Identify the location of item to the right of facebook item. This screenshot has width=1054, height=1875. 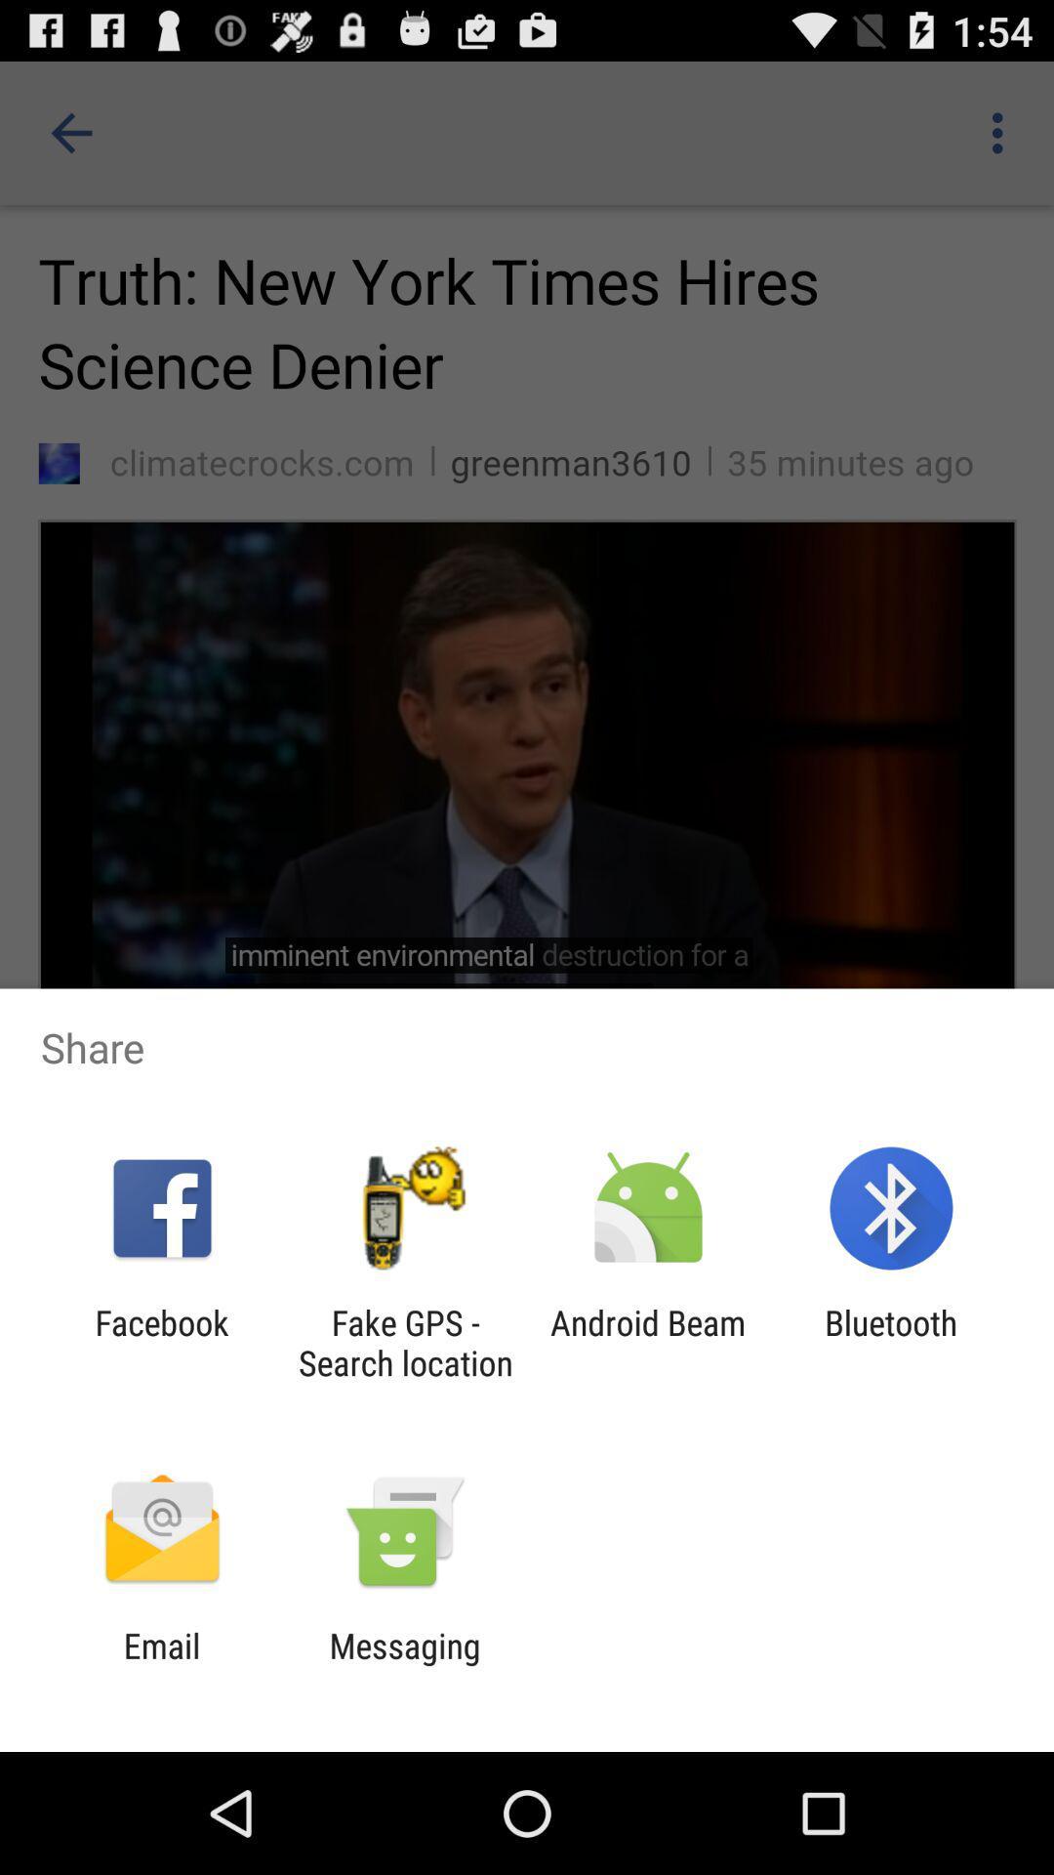
(404, 1342).